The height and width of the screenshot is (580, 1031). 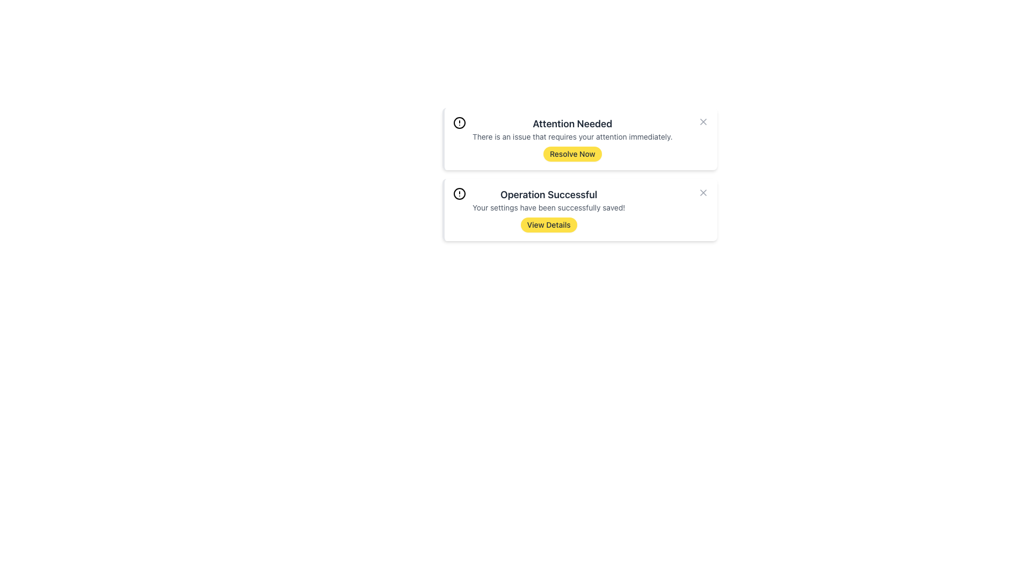 What do you see at coordinates (459, 122) in the screenshot?
I see `the circular icon with a vertical exclamation mark located to the left of the text 'Attention Needed'` at bounding box center [459, 122].